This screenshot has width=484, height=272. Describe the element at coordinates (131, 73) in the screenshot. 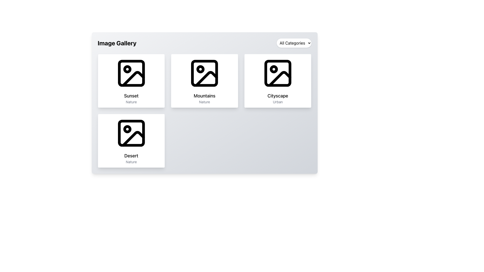

I see `the Decorative vector rectangle with rounded corners which is the largest shape in the lower part of the image icon labeled 'Sunset' in the top-left of the 2x2 grid` at that location.